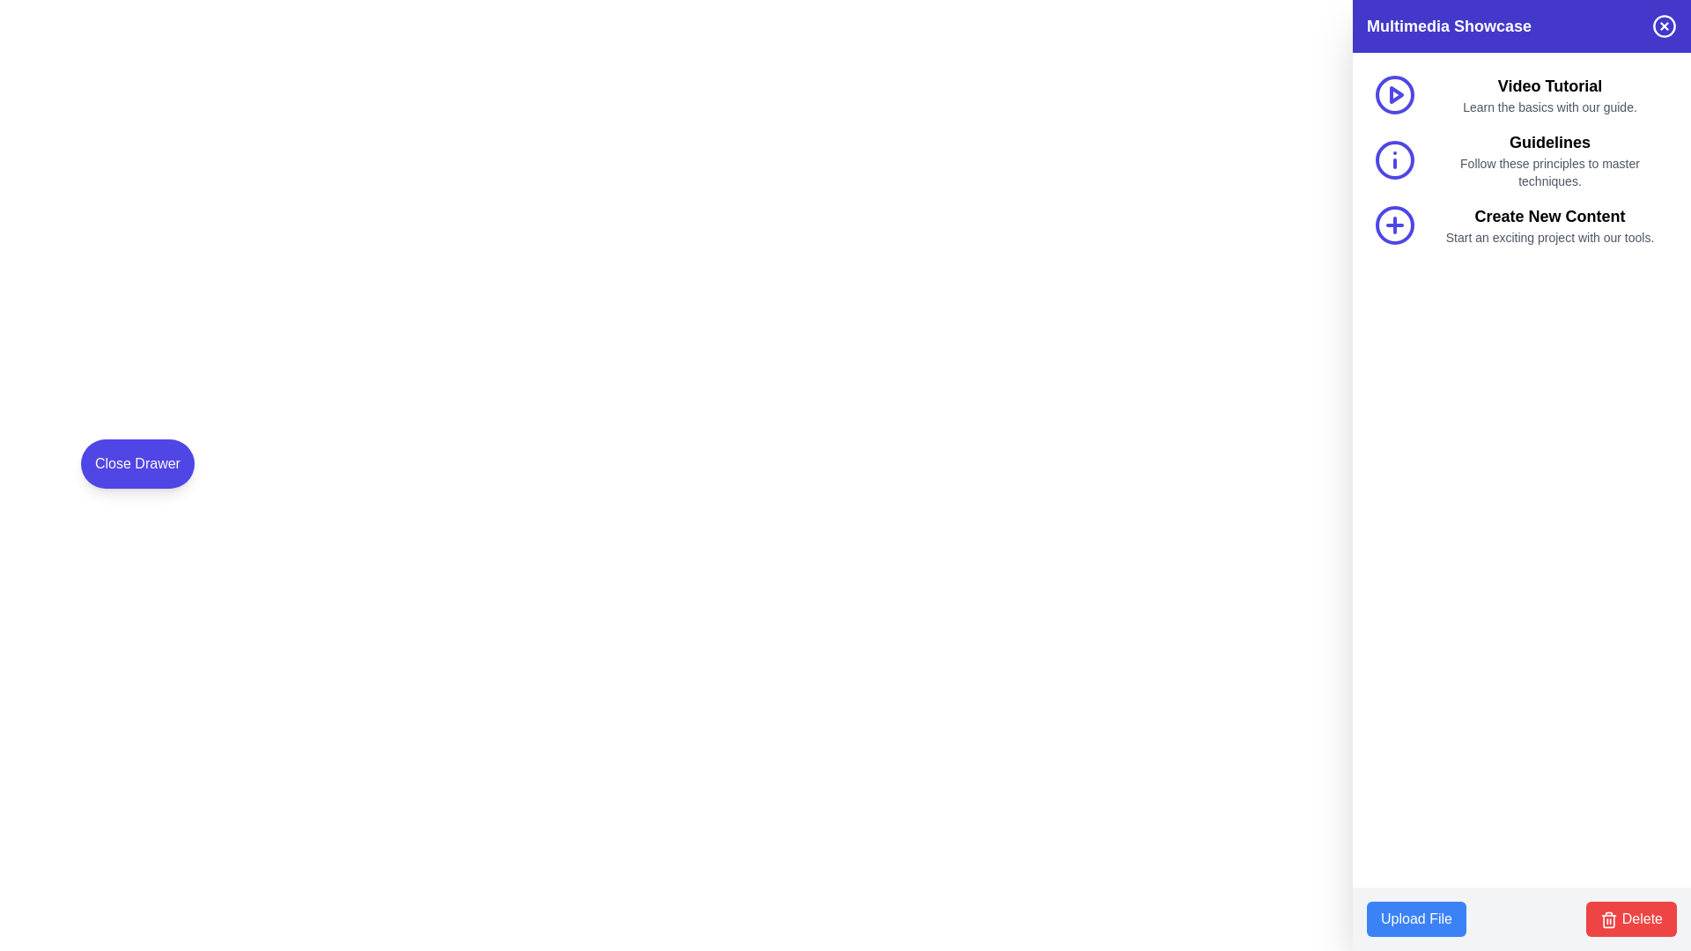 The width and height of the screenshot is (1691, 951). Describe the element at coordinates (1394, 159) in the screenshot. I see `the outer circular outline of the 'Guidelines' icon located in the right sidebar under 'Multimedia Showcase'` at that location.